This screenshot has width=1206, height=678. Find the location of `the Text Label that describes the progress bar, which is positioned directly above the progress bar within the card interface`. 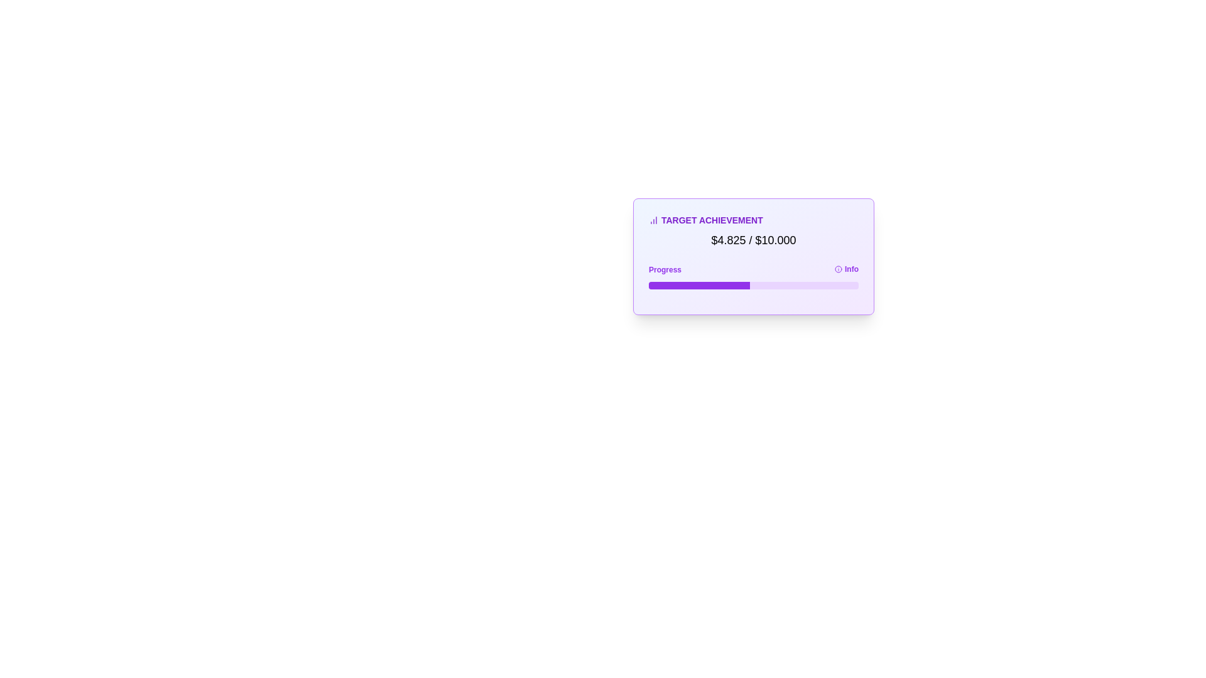

the Text Label that describes the progress bar, which is positioned directly above the progress bar within the card interface is located at coordinates (665, 269).